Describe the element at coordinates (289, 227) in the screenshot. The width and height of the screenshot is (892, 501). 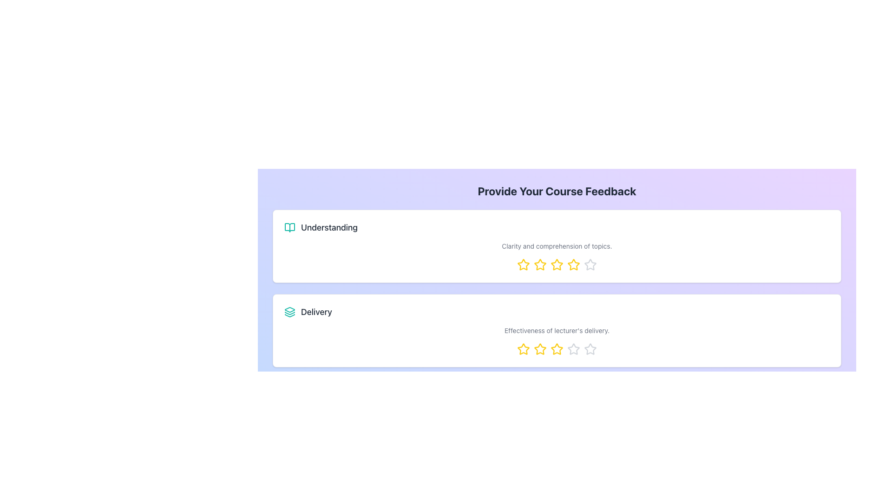
I see `the teal open book icon located to the left of the text 'Understanding' in the course feedback section` at that location.